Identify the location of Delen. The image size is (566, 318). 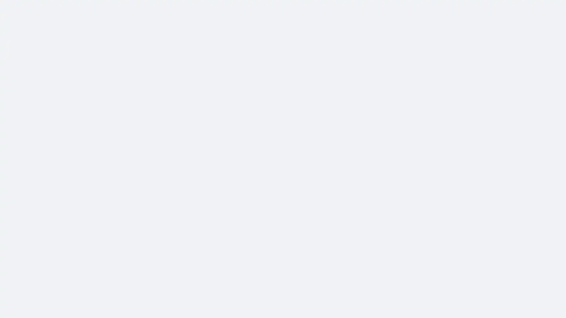
(384, 275).